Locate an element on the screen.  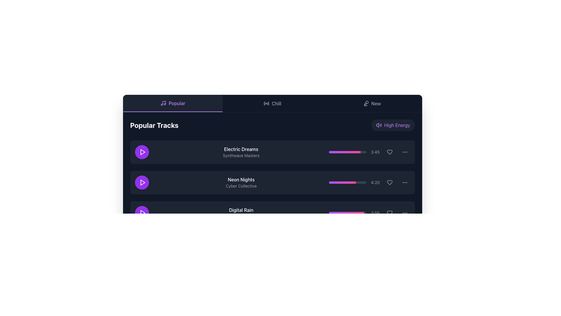
the progress bar indicating 72% completion, which has a gradient fill transitioning from purple to pink is located at coordinates (347, 182).